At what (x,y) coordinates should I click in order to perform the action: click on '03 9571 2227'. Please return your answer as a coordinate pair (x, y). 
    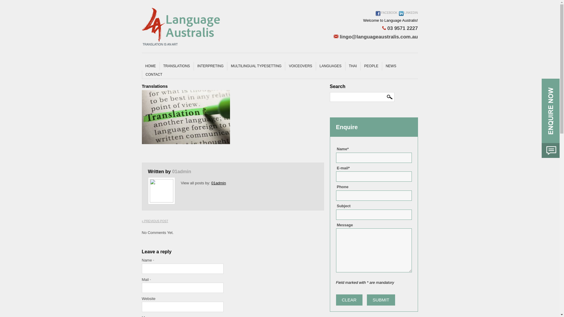
    Looking at the image, I should click on (375, 28).